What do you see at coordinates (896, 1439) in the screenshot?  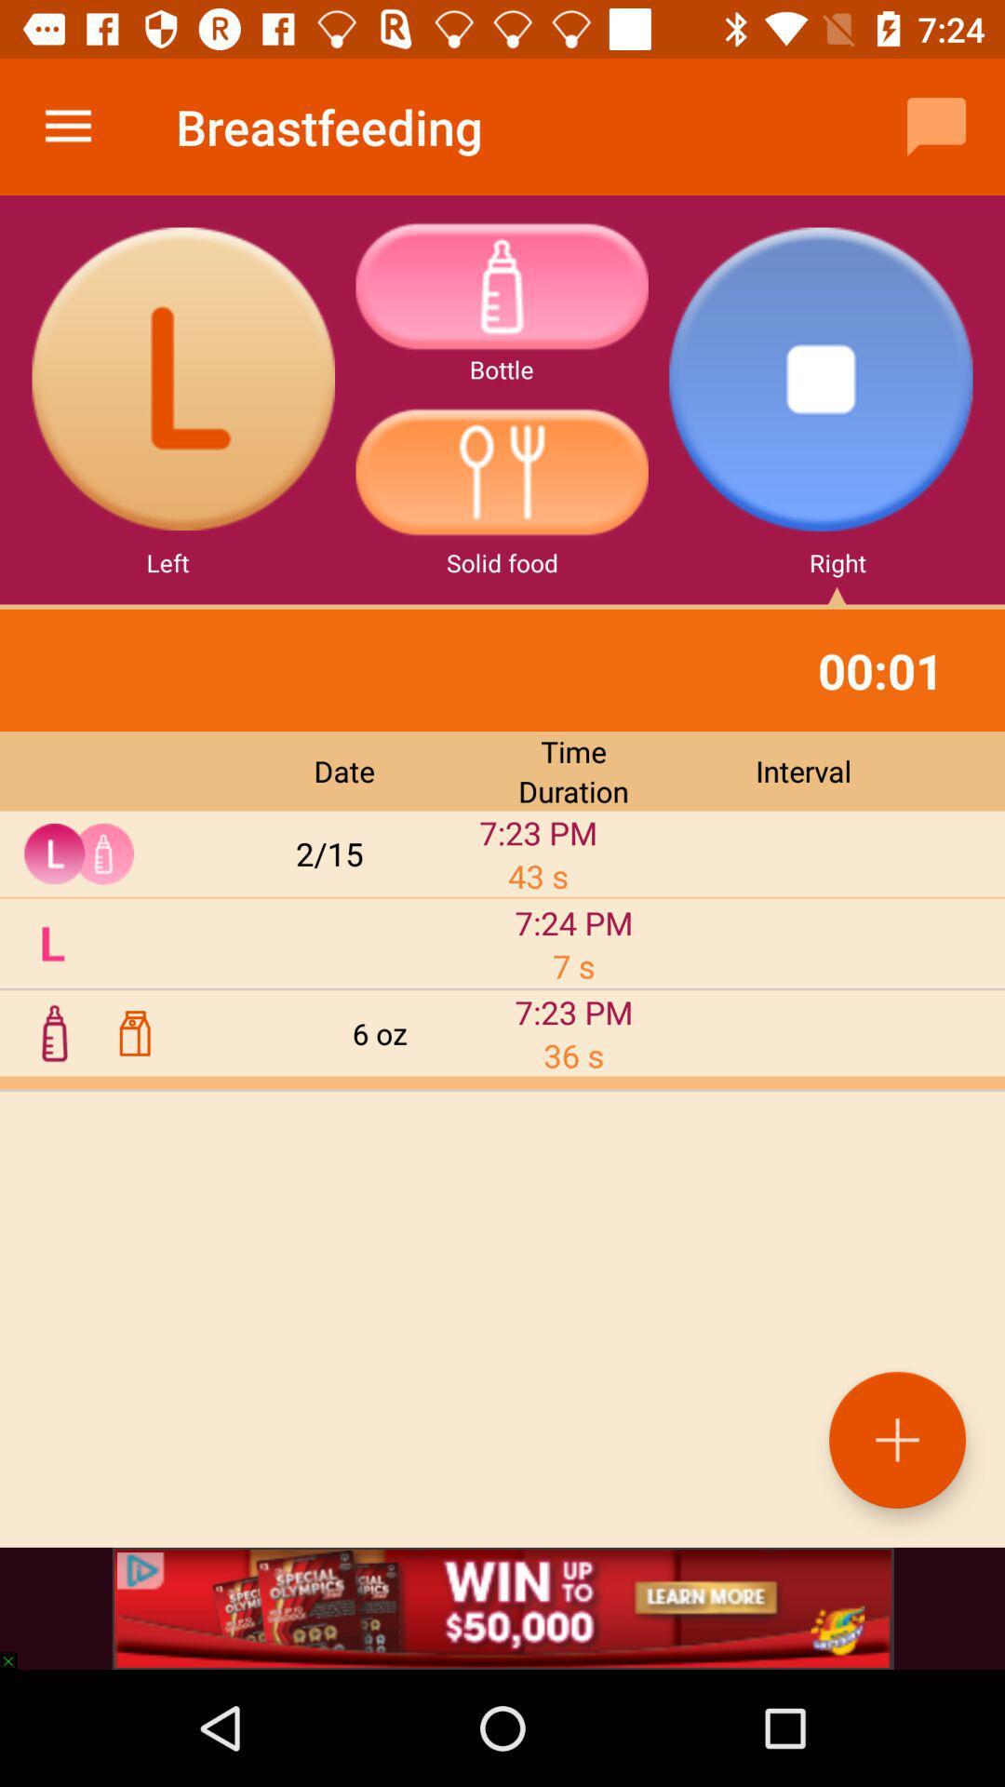 I see `the item at the bottom right corner` at bounding box center [896, 1439].